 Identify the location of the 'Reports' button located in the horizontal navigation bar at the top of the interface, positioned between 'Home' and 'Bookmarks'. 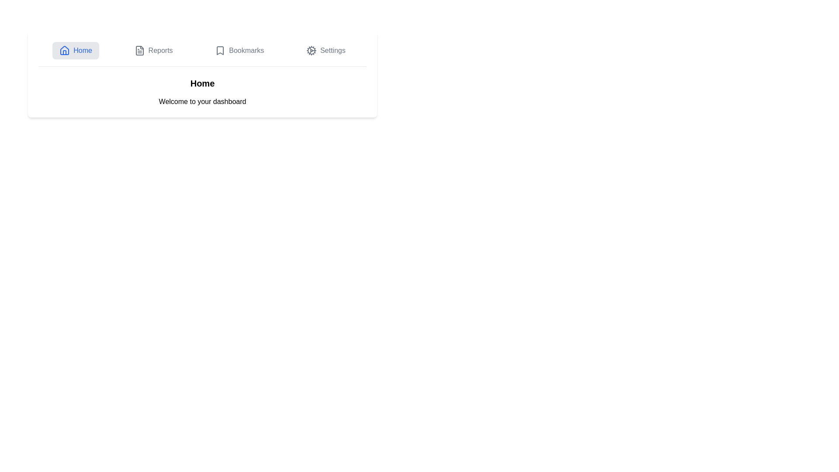
(153, 50).